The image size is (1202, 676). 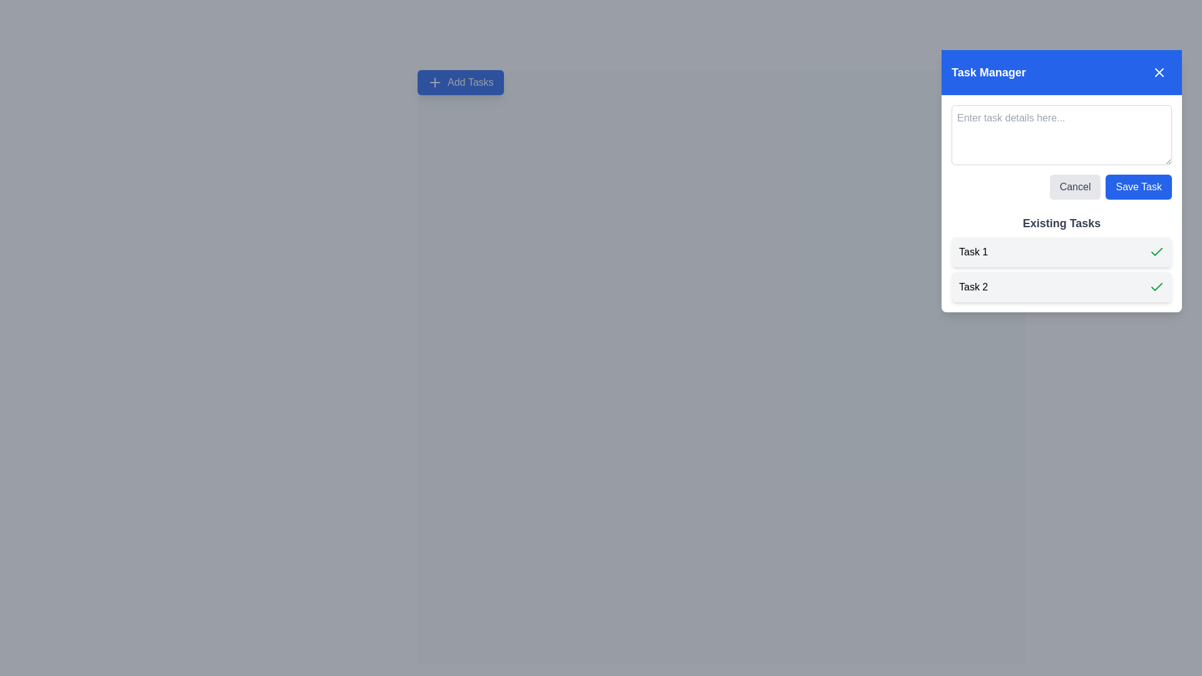 What do you see at coordinates (988, 72) in the screenshot?
I see `the 'Task Manager' text label, which is a large, bold headline displayed in white on a blue background, positioned at the top-left of a panel and adjacent to a clickable icon` at bounding box center [988, 72].